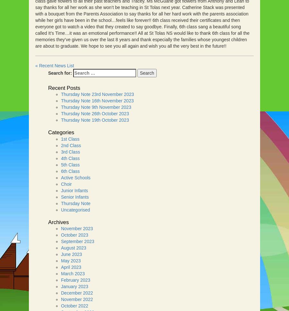  What do you see at coordinates (77, 241) in the screenshot?
I see `'September 2023'` at bounding box center [77, 241].